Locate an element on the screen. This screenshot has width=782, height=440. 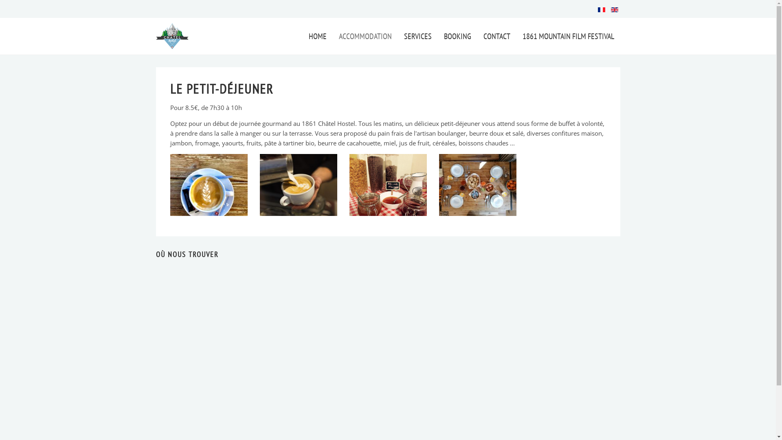
'1861 MOUNTAIN FILM FESTIVAL' is located at coordinates (568, 35).